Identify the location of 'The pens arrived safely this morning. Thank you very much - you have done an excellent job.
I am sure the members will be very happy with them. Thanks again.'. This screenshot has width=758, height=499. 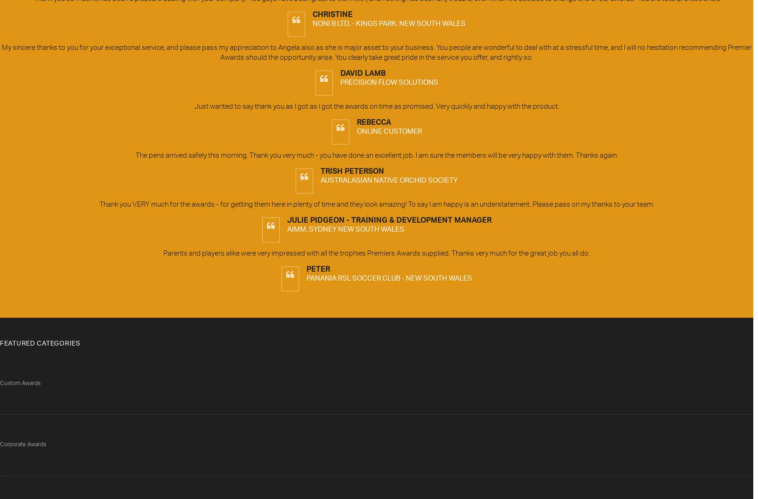
(376, 156).